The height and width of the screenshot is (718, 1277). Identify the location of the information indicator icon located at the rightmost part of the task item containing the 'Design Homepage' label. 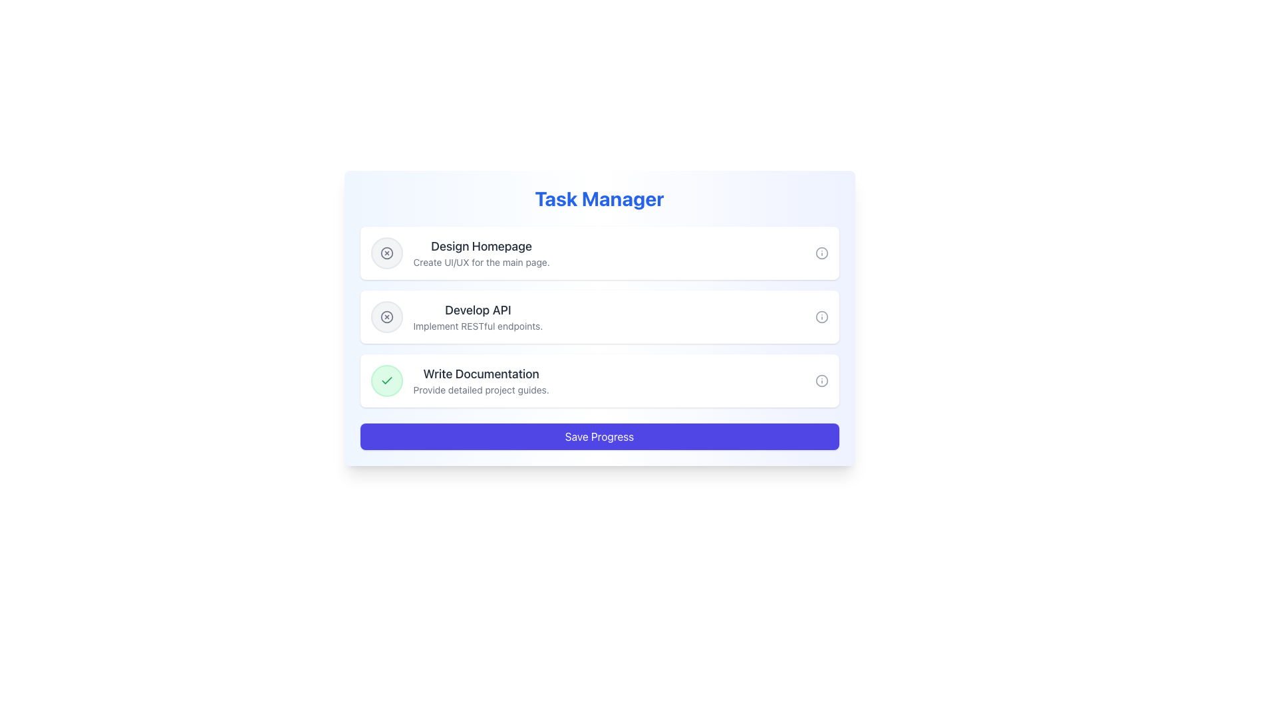
(821, 253).